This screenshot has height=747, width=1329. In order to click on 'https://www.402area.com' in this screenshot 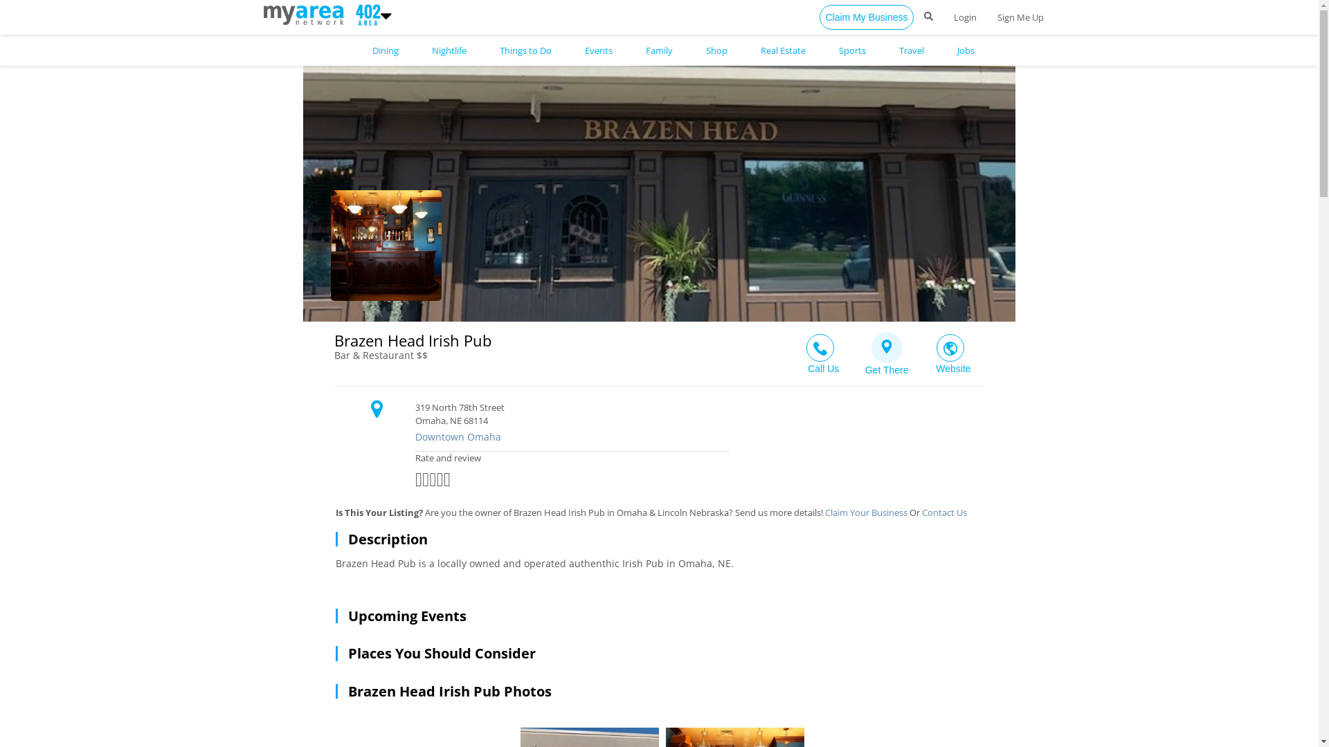, I will do `click(365, 13)`.